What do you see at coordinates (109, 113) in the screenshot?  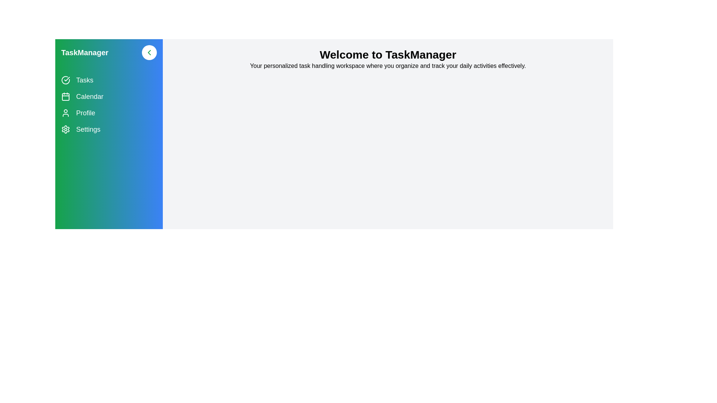 I see `the navigation item Profile to navigate to the corresponding section` at bounding box center [109, 113].